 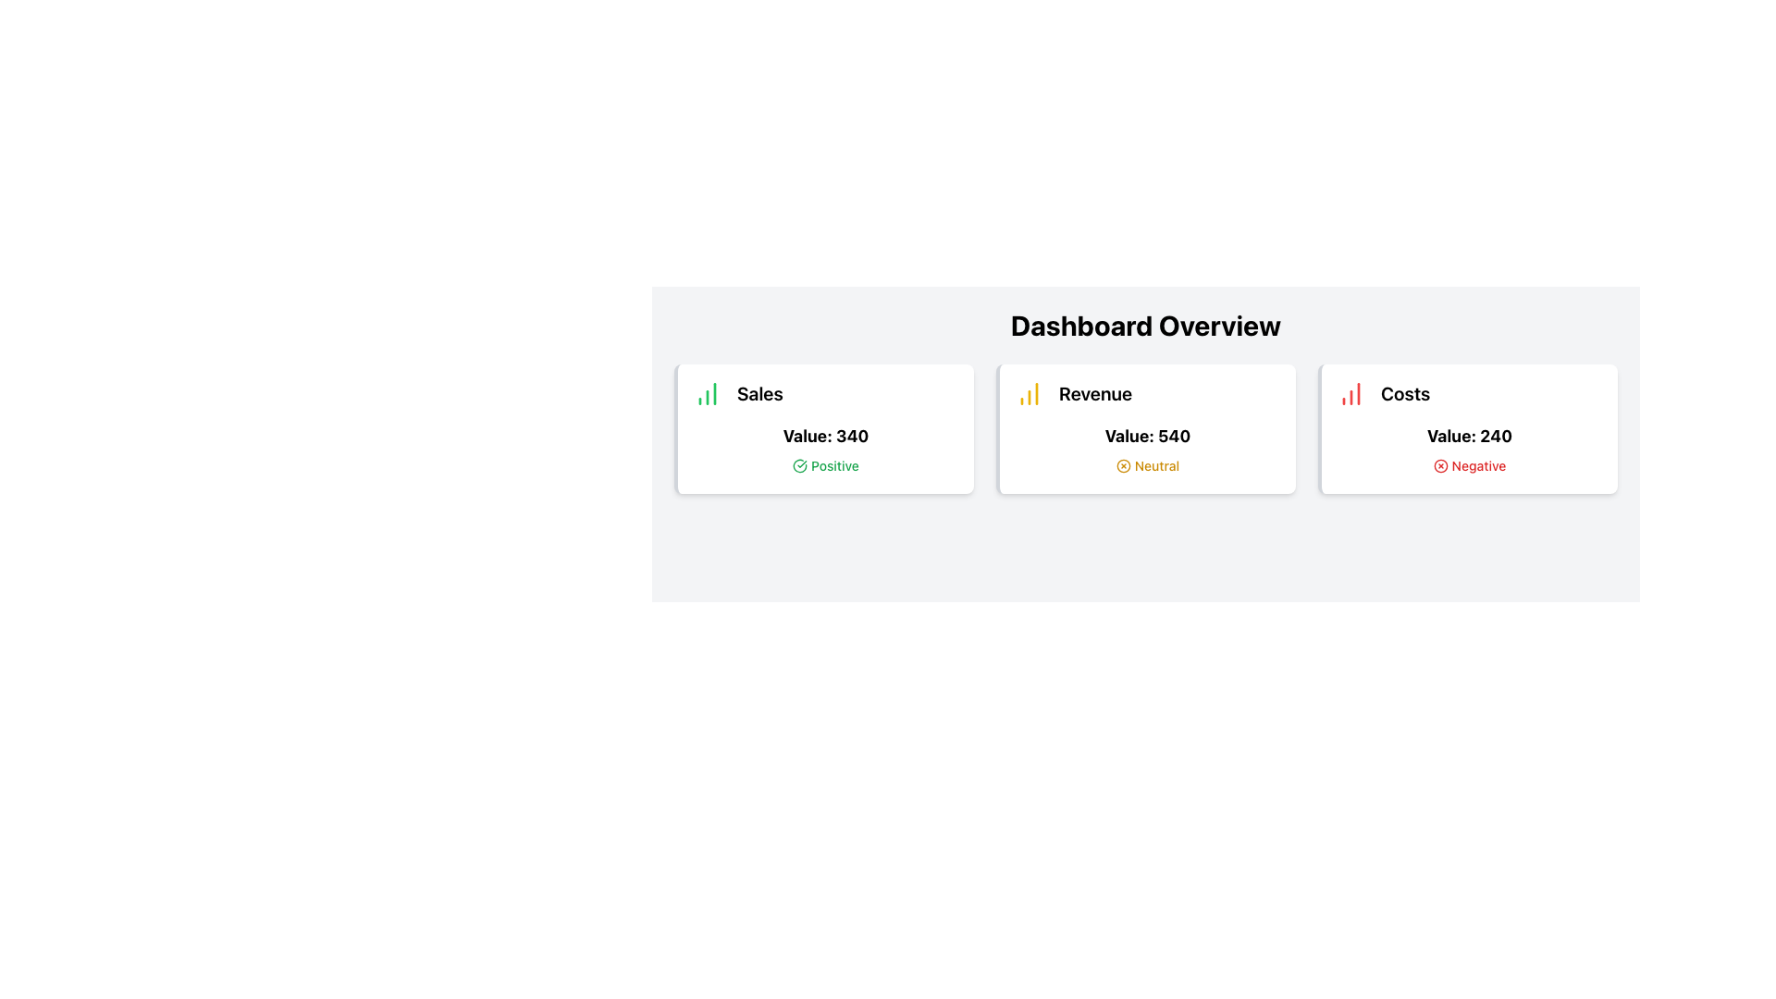 I want to click on the 'Negative' status indicator located at the bottom-right corner of the 'Costs' card, so click(x=1468, y=465).